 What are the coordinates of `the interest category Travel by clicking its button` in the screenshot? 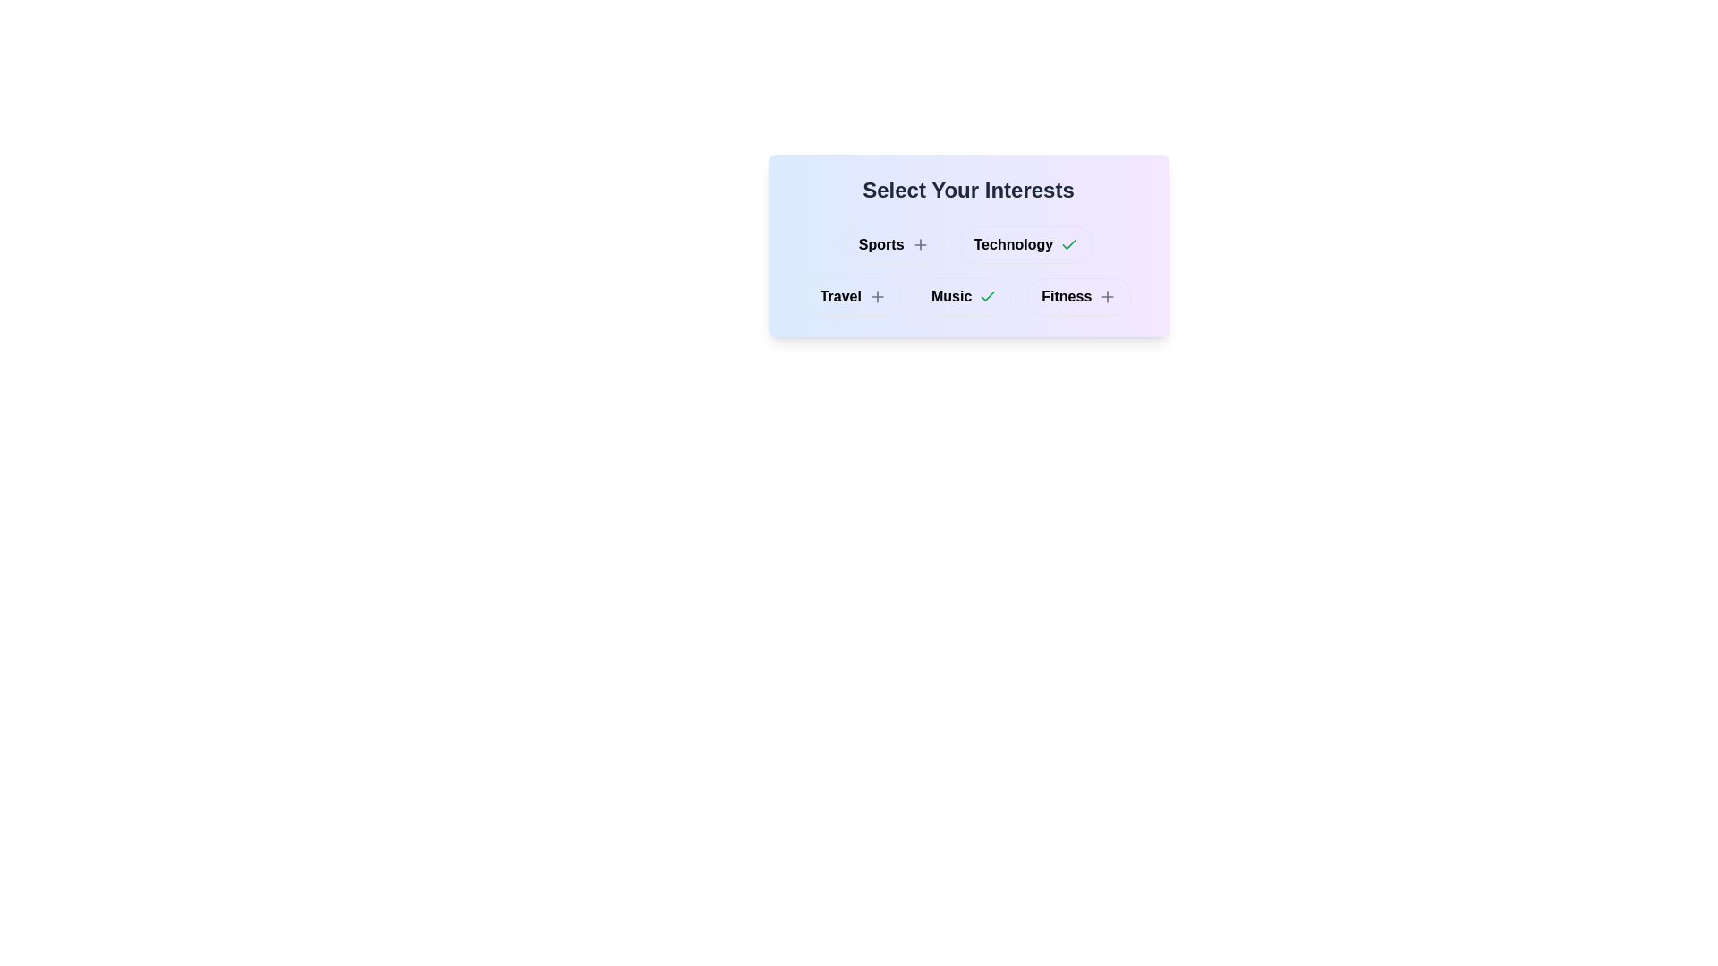 It's located at (853, 295).